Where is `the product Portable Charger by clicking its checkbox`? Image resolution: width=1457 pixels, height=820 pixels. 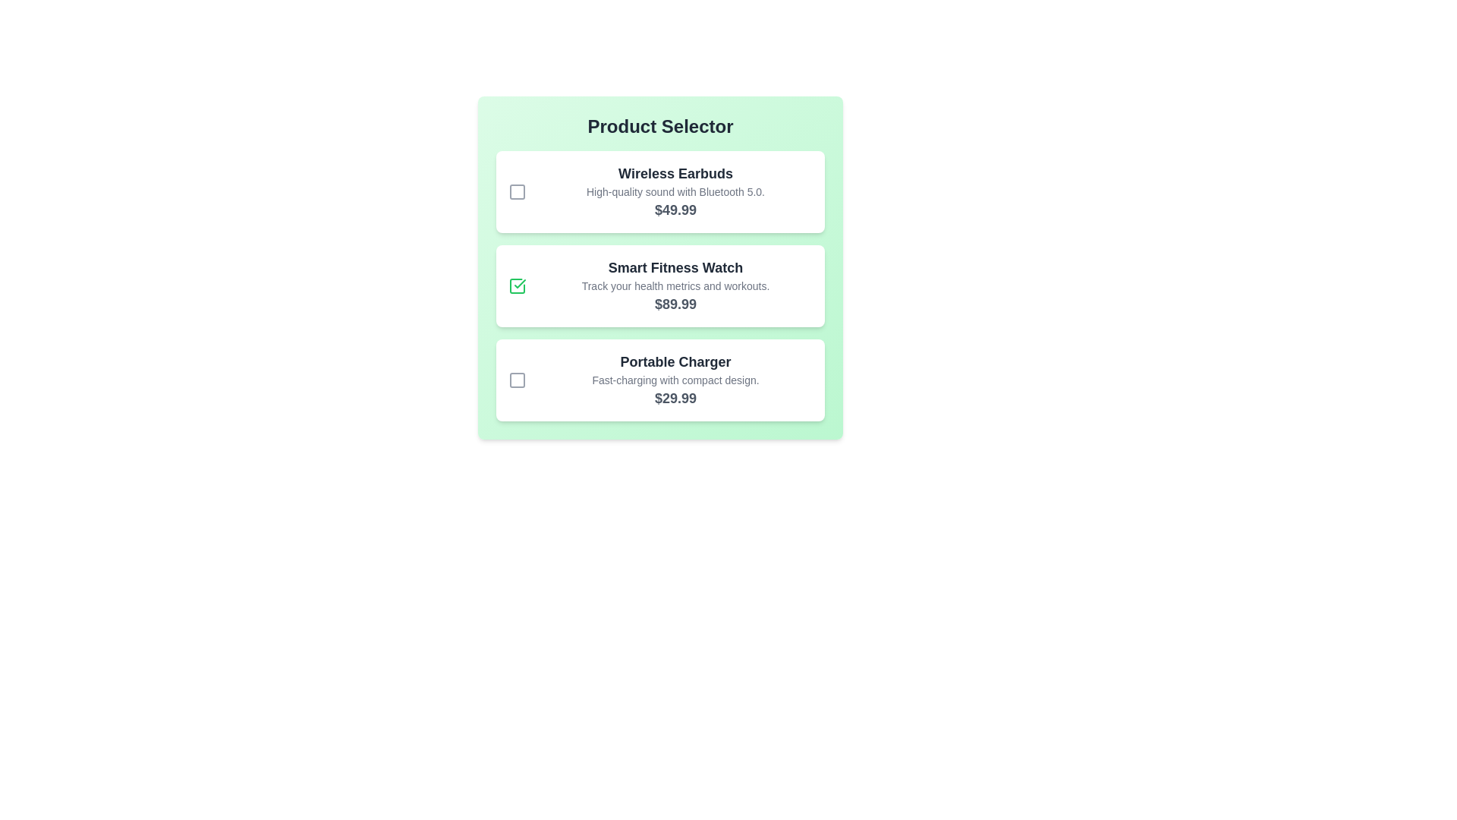 the product Portable Charger by clicking its checkbox is located at coordinates (517, 380).